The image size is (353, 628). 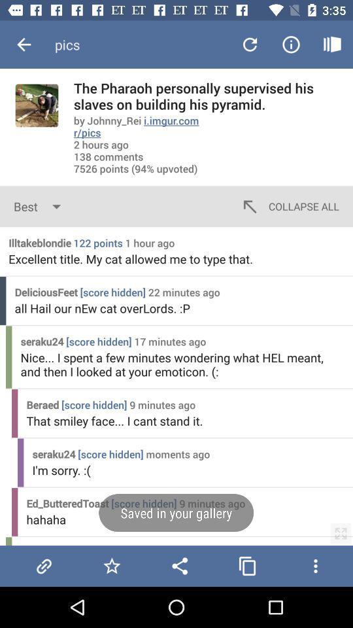 What do you see at coordinates (341, 533) in the screenshot?
I see `icon next to the hahaha icon` at bounding box center [341, 533].